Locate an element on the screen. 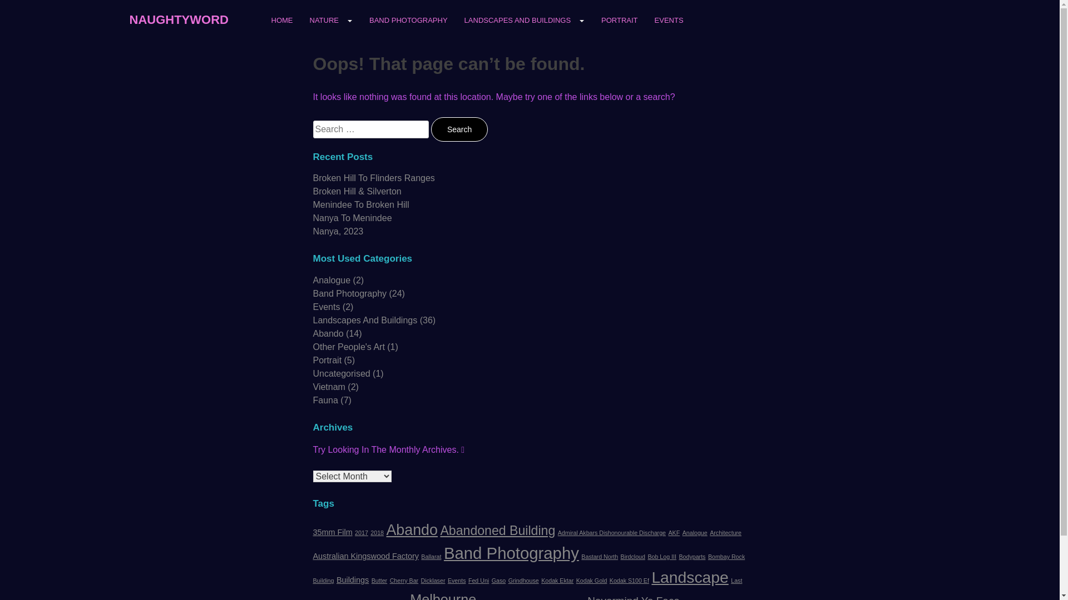 This screenshot has width=1068, height=600. '2018' is located at coordinates (377, 532).